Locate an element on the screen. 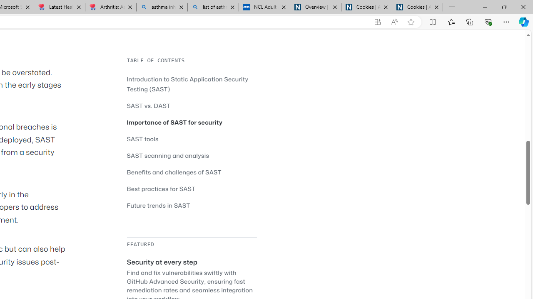 The height and width of the screenshot is (299, 533). 'Benefits and challenges of SAST' is located at coordinates (191, 172).